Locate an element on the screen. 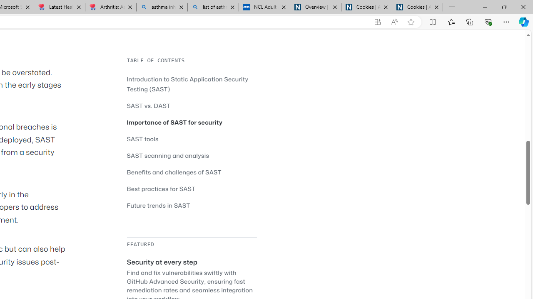 The height and width of the screenshot is (299, 533). 'Benefits and challenges of SAST' is located at coordinates (191, 172).